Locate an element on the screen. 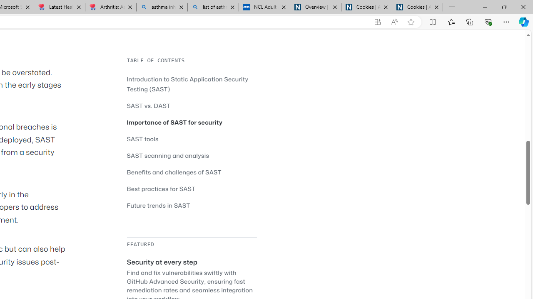 The height and width of the screenshot is (299, 533). 'Benefits and challenges of SAST' is located at coordinates (191, 172).